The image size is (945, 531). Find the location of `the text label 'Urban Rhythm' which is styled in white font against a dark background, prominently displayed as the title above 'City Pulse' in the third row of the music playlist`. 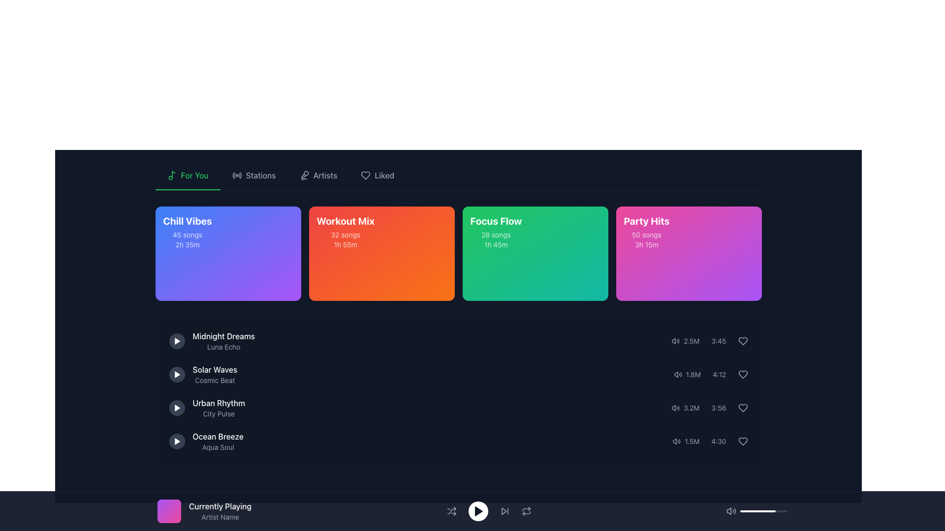

the text label 'Urban Rhythm' which is styled in white font against a dark background, prominently displayed as the title above 'City Pulse' in the third row of the music playlist is located at coordinates (218, 403).